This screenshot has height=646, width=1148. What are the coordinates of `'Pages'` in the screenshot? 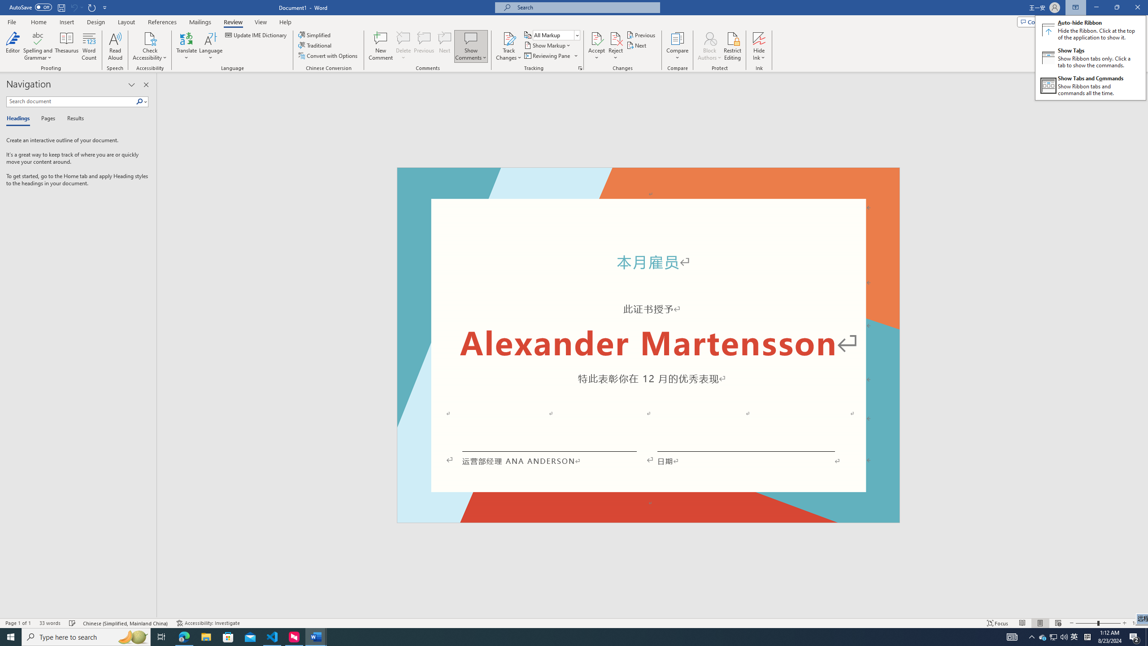 It's located at (46, 118).